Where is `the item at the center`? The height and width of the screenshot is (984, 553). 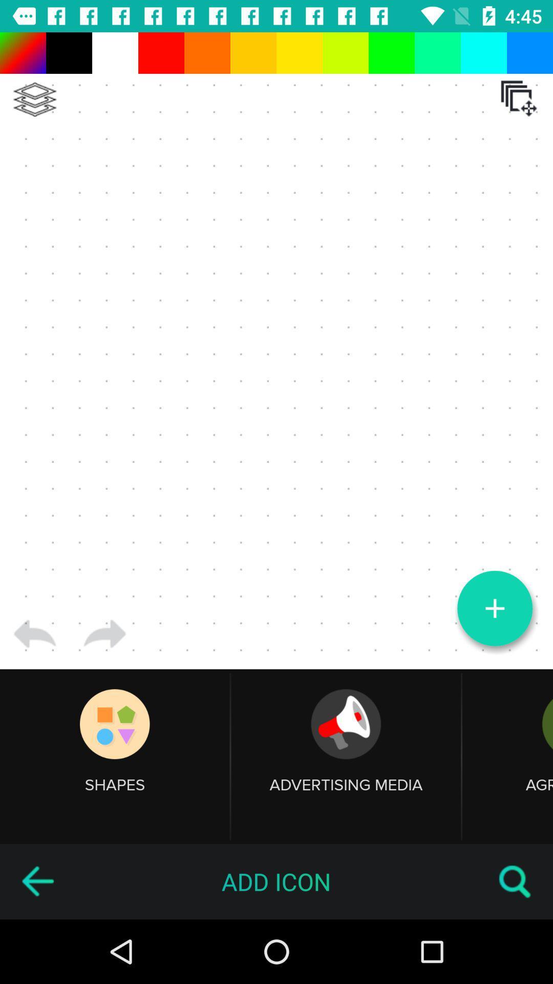
the item at the center is located at coordinates (276, 351).